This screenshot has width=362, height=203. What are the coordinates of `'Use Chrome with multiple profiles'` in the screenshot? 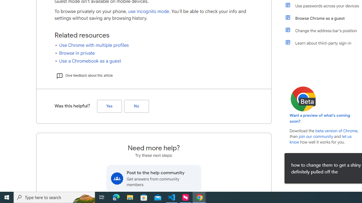 It's located at (94, 45).